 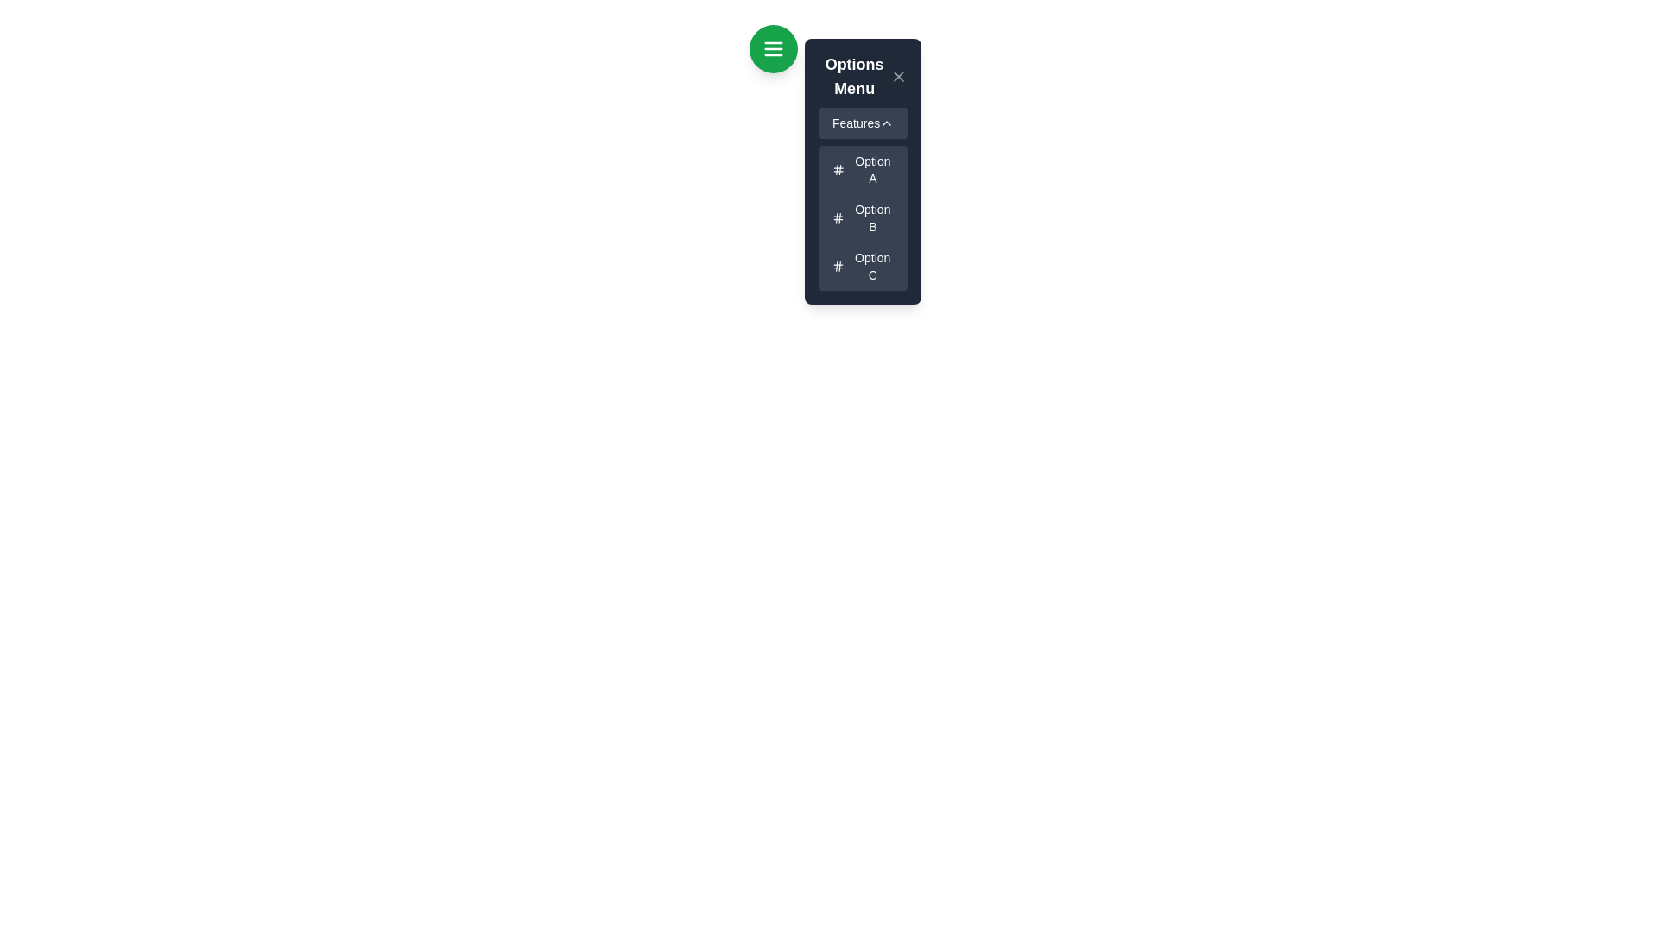 What do you see at coordinates (863, 172) in the screenshot?
I see `the first item labeled 'Option A' in the dropdown menu under the 'Features' heading` at bounding box center [863, 172].